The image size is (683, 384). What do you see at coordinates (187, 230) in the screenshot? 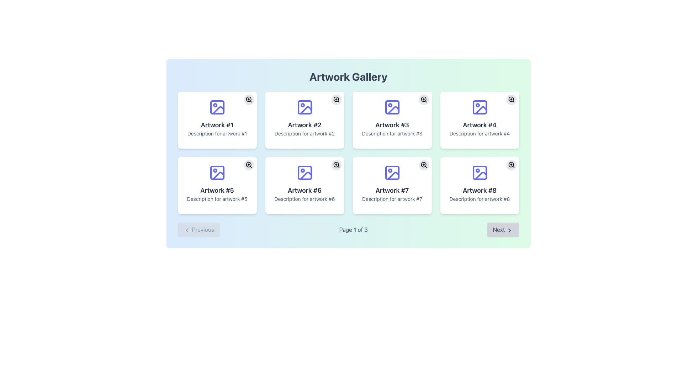
I see `the 'Previous' button icon located on the left edge, next to the text label, at the bottom left corner of the interface` at bounding box center [187, 230].